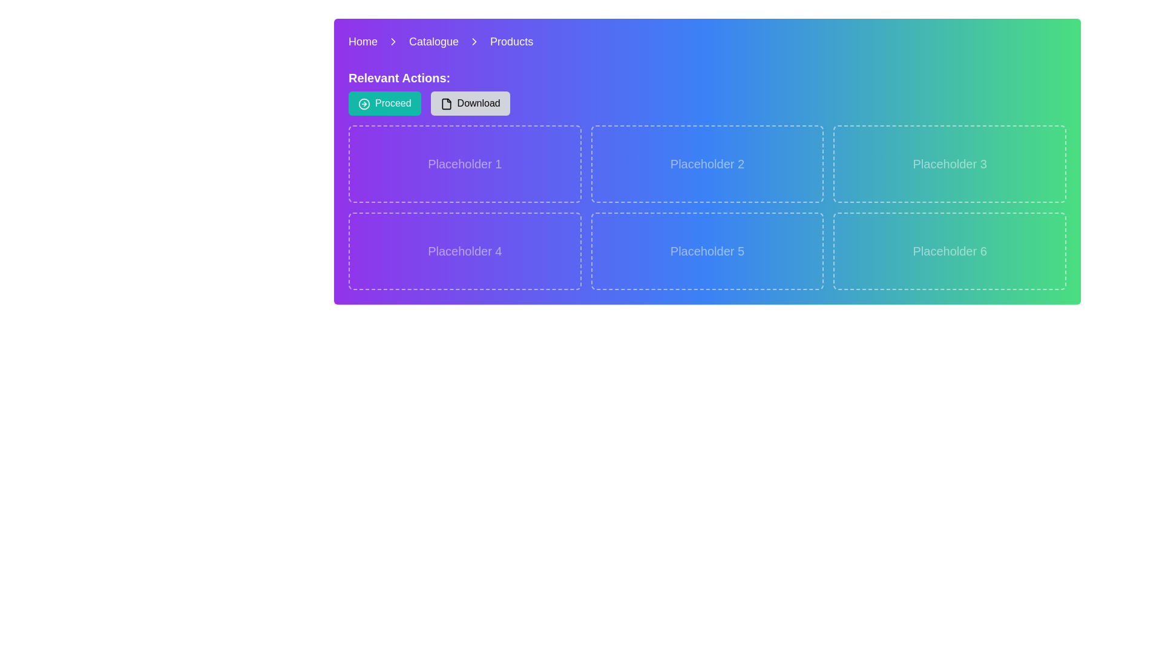 The height and width of the screenshot is (654, 1162). What do you see at coordinates (399, 78) in the screenshot?
I see `the Text Label that categorizes the subsequent buttons, located in the upper left portion of the interface, directly below navigation breadcrumbs and above the 'Proceed' and 'Download' buttons` at bounding box center [399, 78].